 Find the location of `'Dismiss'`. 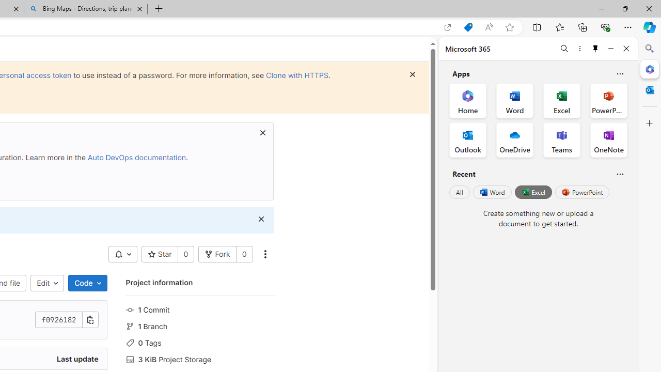

'Dismiss' is located at coordinates (261, 219).